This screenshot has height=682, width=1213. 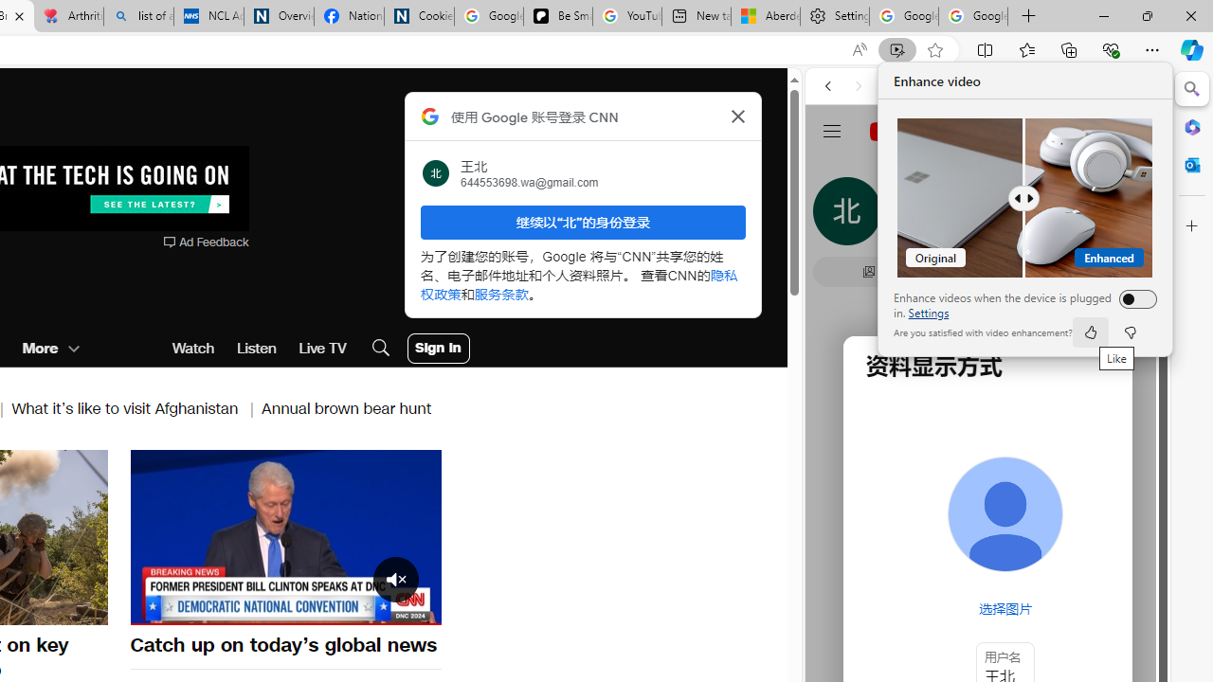 I want to click on 'Fullscreen', so click(x=414, y=609).